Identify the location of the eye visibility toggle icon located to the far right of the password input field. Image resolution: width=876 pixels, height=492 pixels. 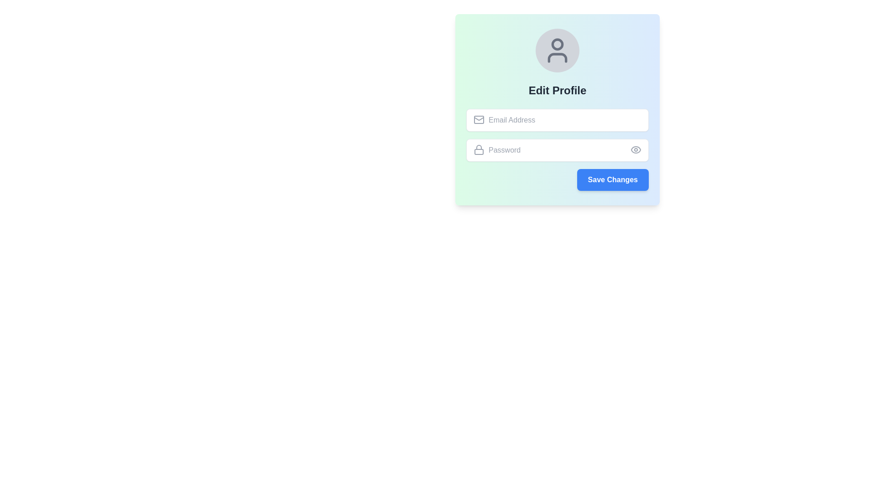
(635, 149).